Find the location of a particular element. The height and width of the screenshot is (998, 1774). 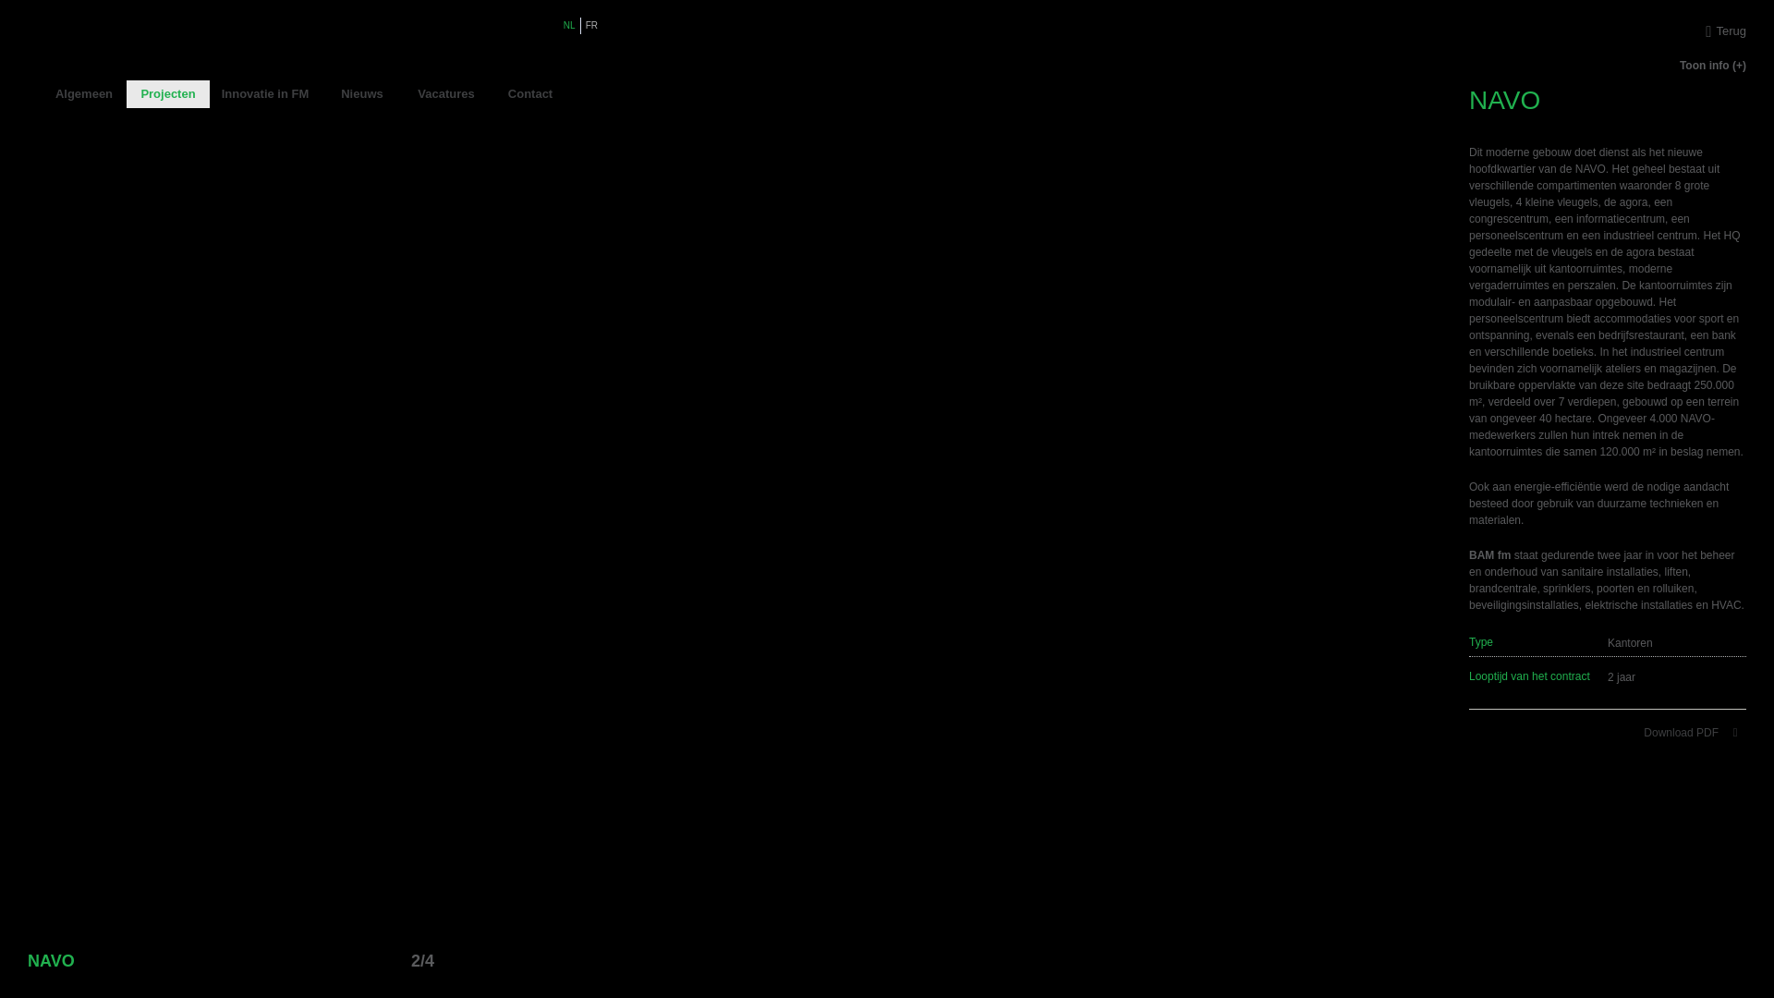

'Home' is located at coordinates (13, 93).